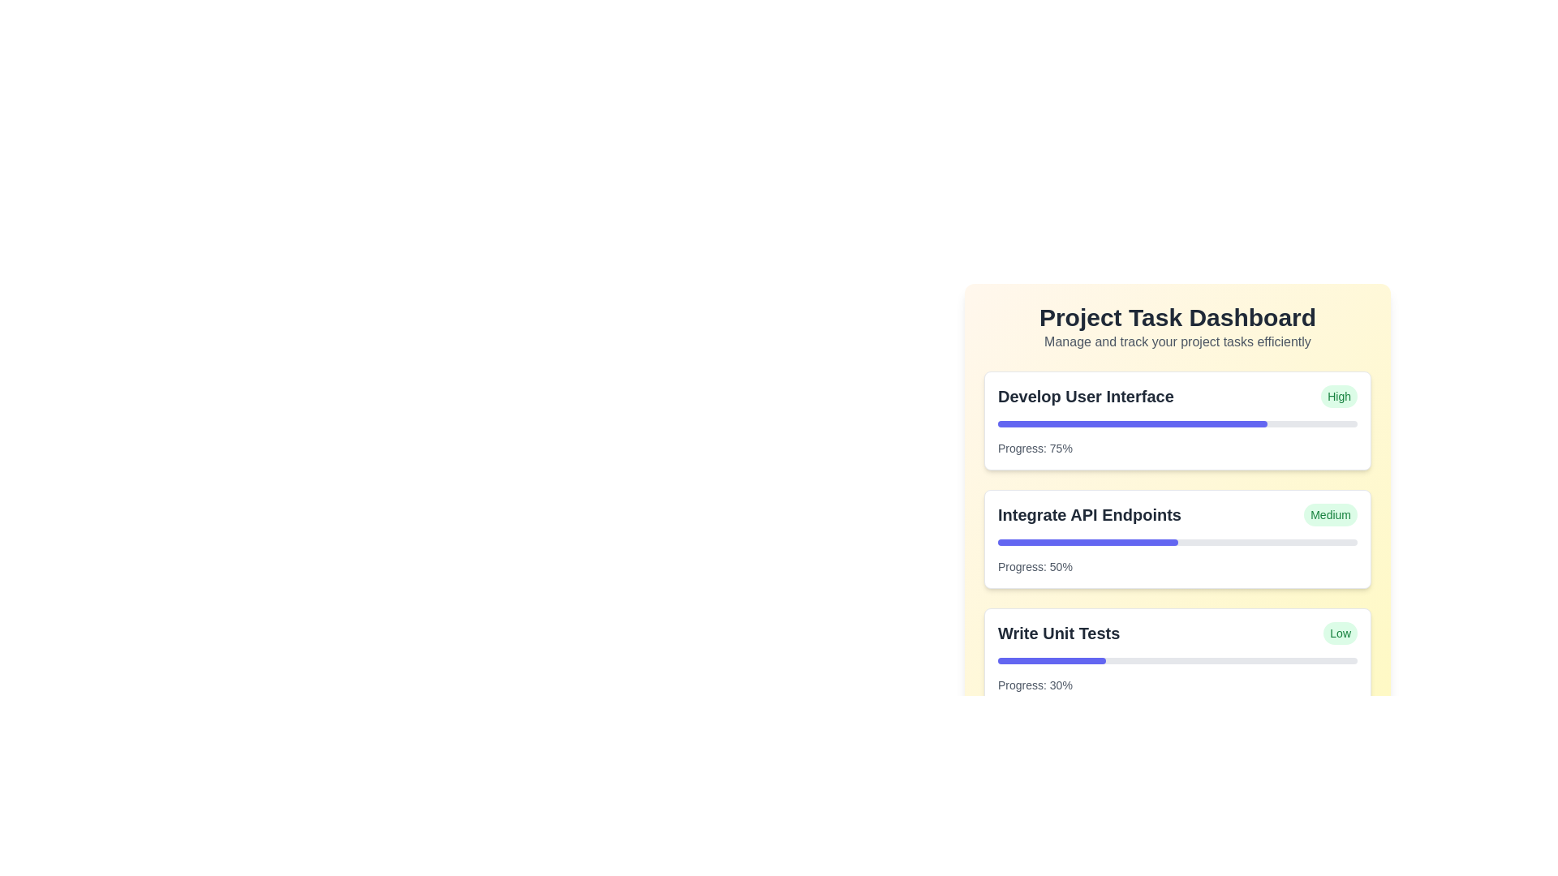  I want to click on the progress bar indicating 75% completion for the task 'Develop User Interface', so click(1177, 423).